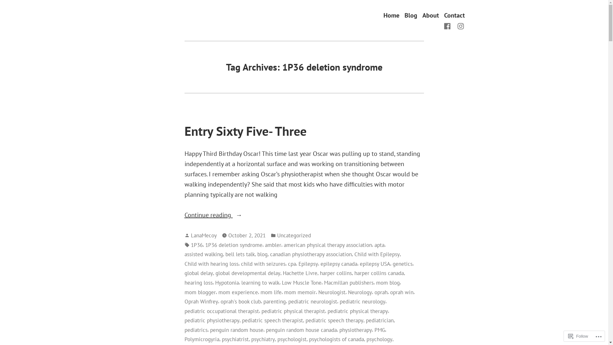 Image resolution: width=613 pixels, height=345 pixels. I want to click on 'psychiatrist', so click(222, 339).